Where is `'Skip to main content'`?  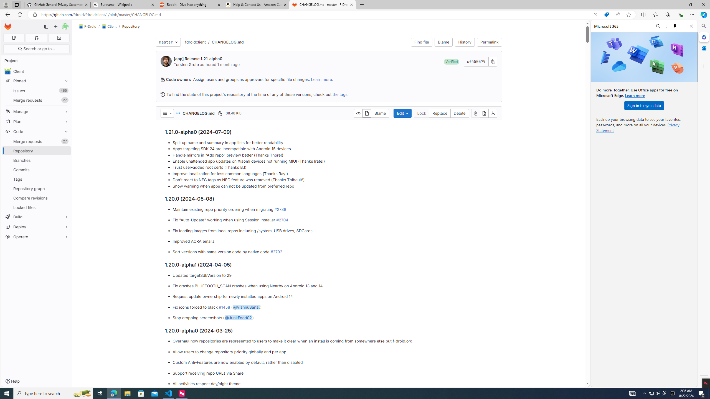 'Skip to main content' is located at coordinates (7, 24).